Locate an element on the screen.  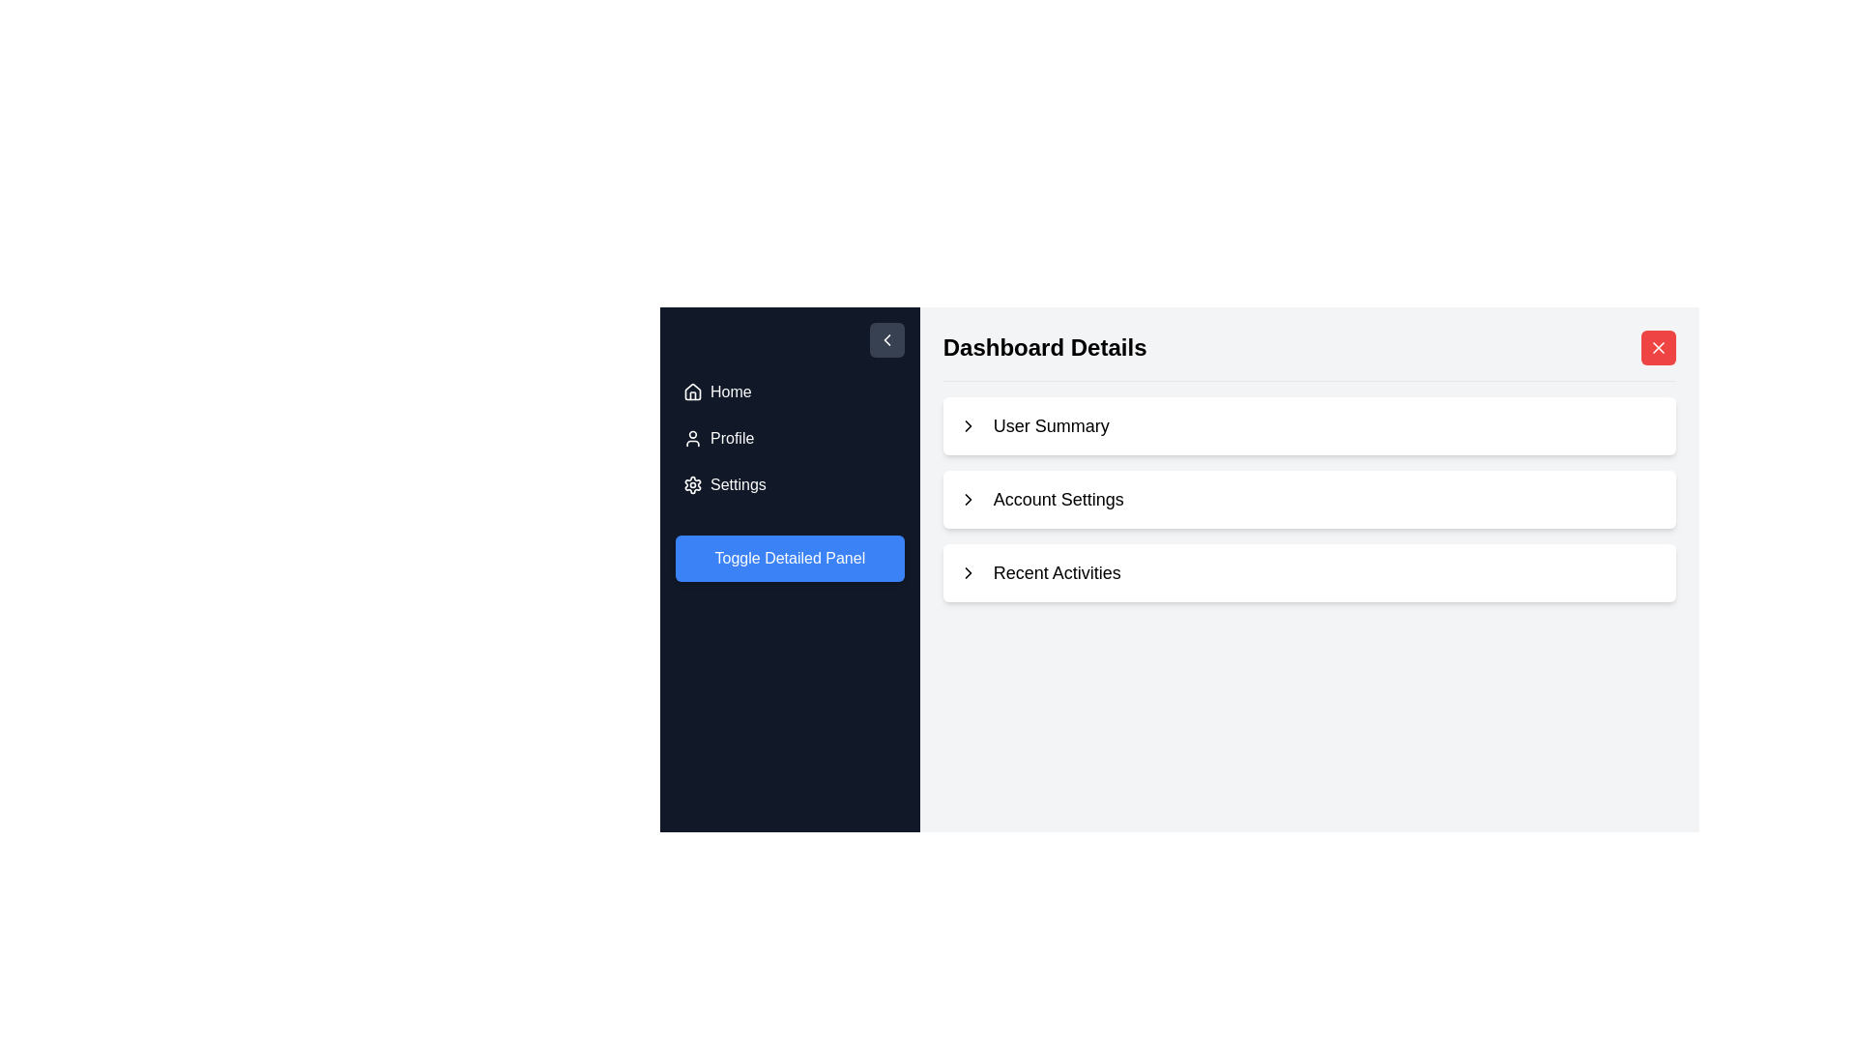
the icon button located at the top-right corner of the navigation panel is located at coordinates (885, 338).